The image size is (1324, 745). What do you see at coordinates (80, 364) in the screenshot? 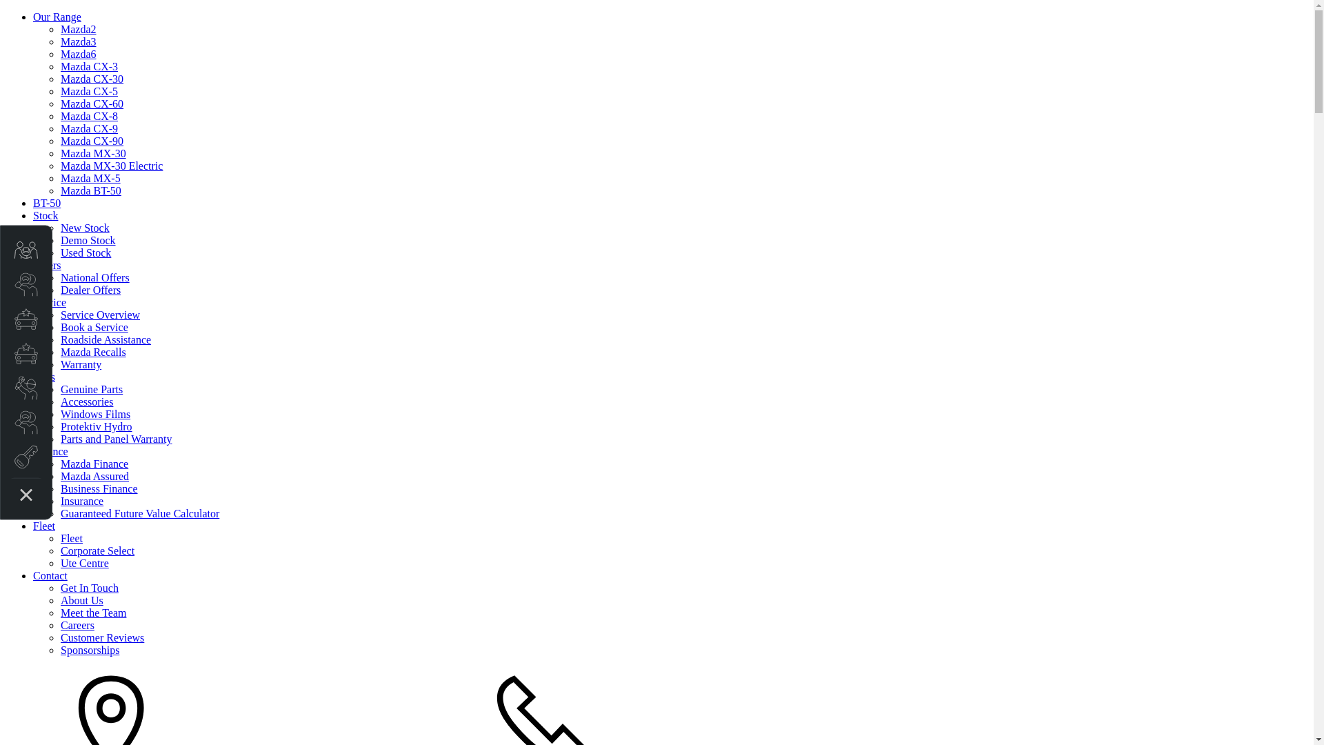
I see `'Warranty'` at bounding box center [80, 364].